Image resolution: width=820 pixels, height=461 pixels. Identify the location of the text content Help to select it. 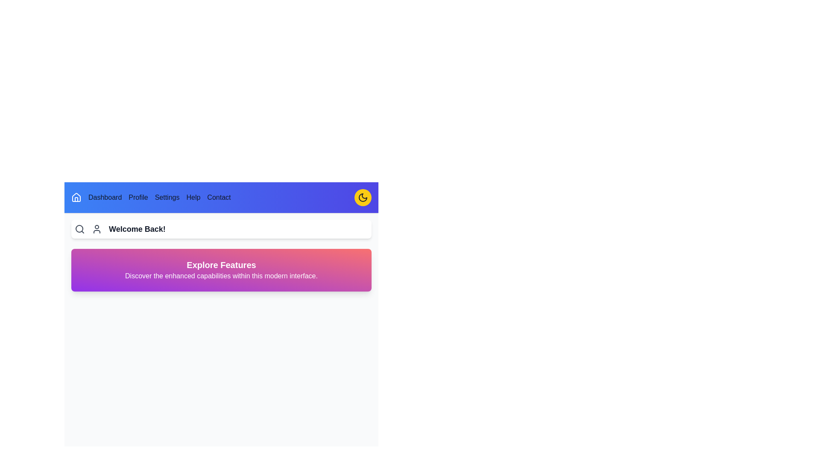
(193, 197).